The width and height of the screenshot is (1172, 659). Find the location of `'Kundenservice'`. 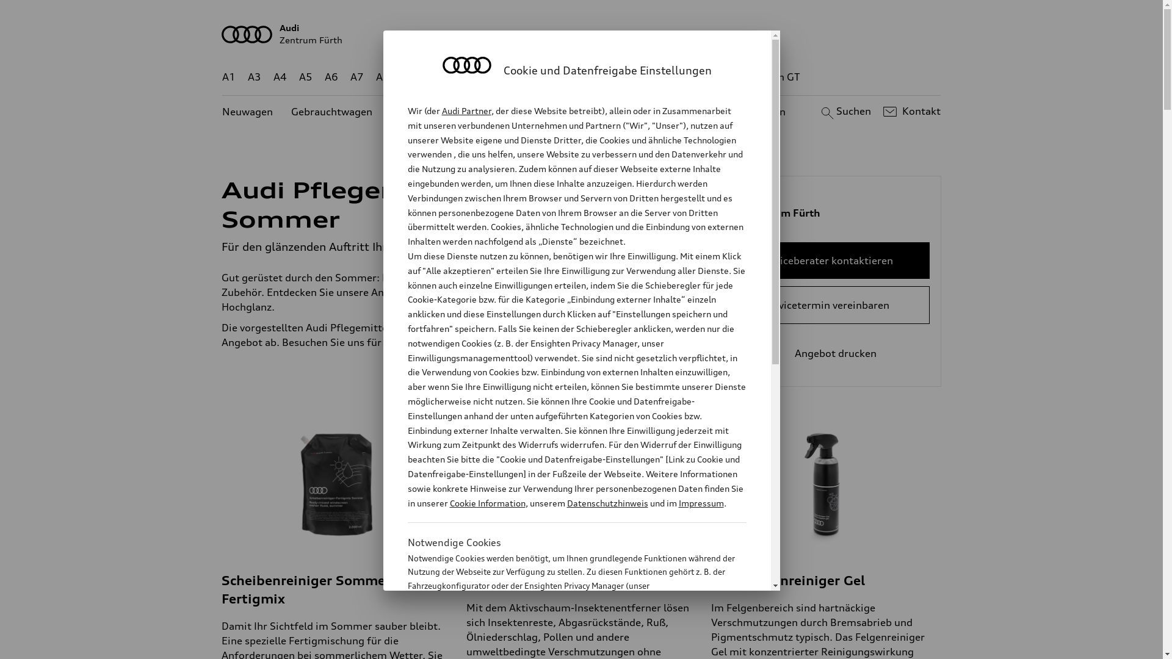

'Kundenservice' is located at coordinates (588, 112).